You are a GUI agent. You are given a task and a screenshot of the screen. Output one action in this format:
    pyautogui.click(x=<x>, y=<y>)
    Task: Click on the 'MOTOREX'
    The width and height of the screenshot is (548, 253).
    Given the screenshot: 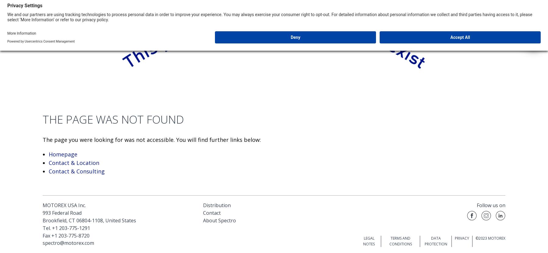 What is the action you would take?
    pyautogui.click(x=496, y=238)
    